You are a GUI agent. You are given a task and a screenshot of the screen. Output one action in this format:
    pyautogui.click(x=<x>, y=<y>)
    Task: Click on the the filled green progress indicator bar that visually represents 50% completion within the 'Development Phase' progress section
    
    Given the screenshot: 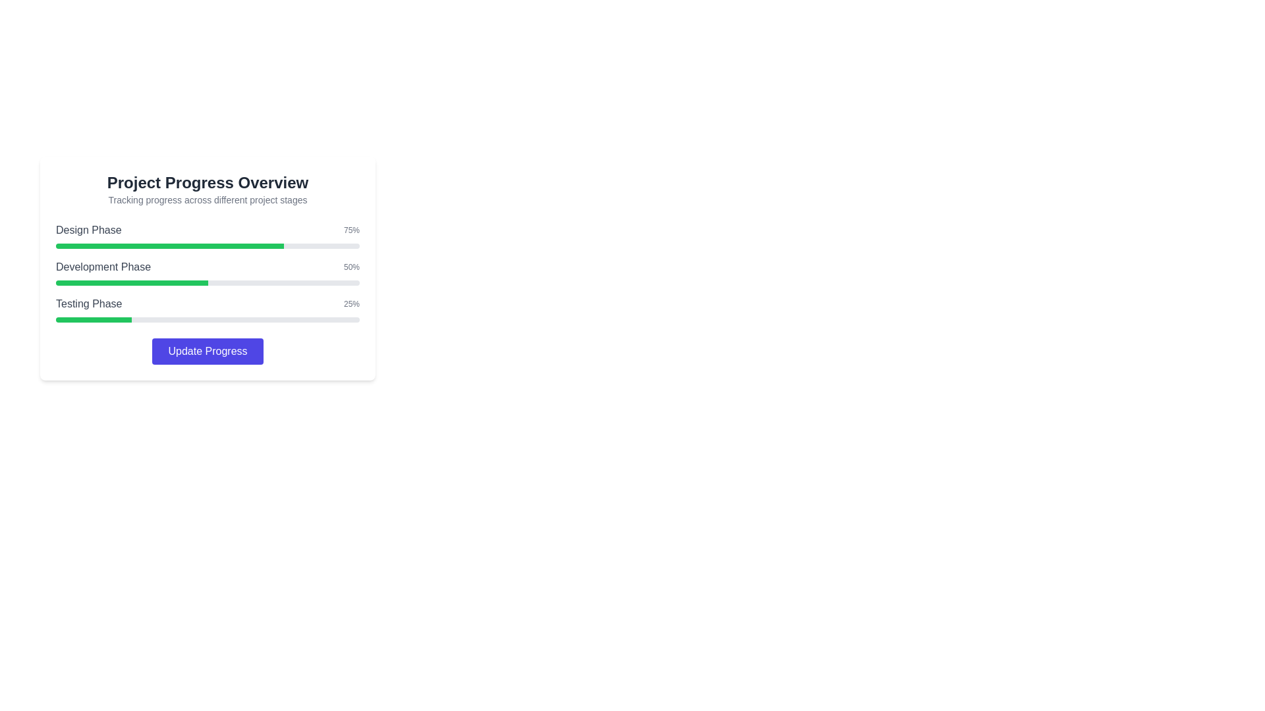 What is the action you would take?
    pyautogui.click(x=132, y=282)
    